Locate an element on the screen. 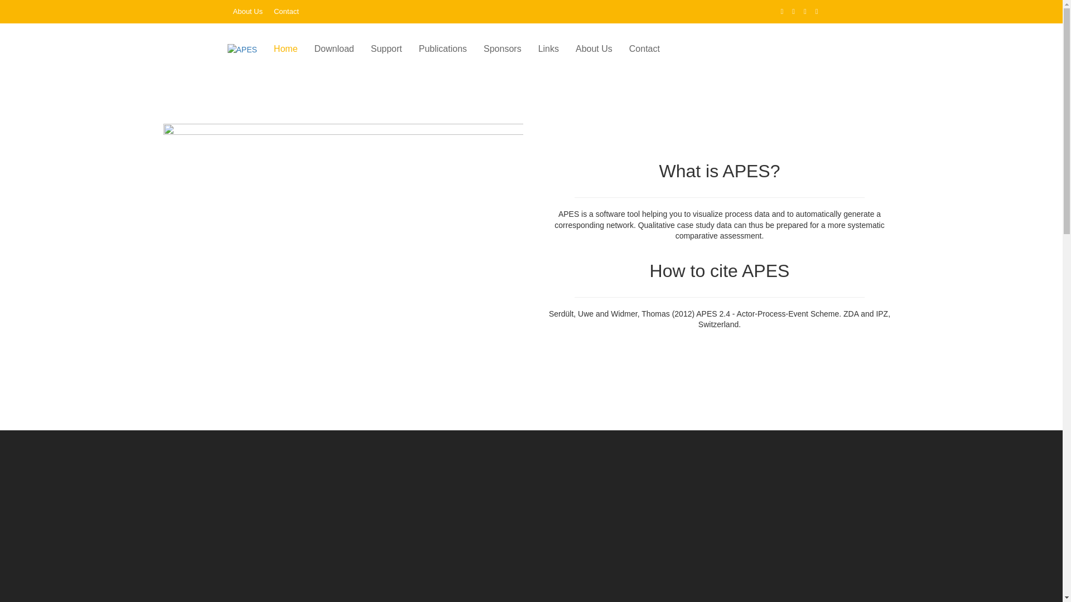 The height and width of the screenshot is (602, 1071). 'Home' is located at coordinates (264, 48).